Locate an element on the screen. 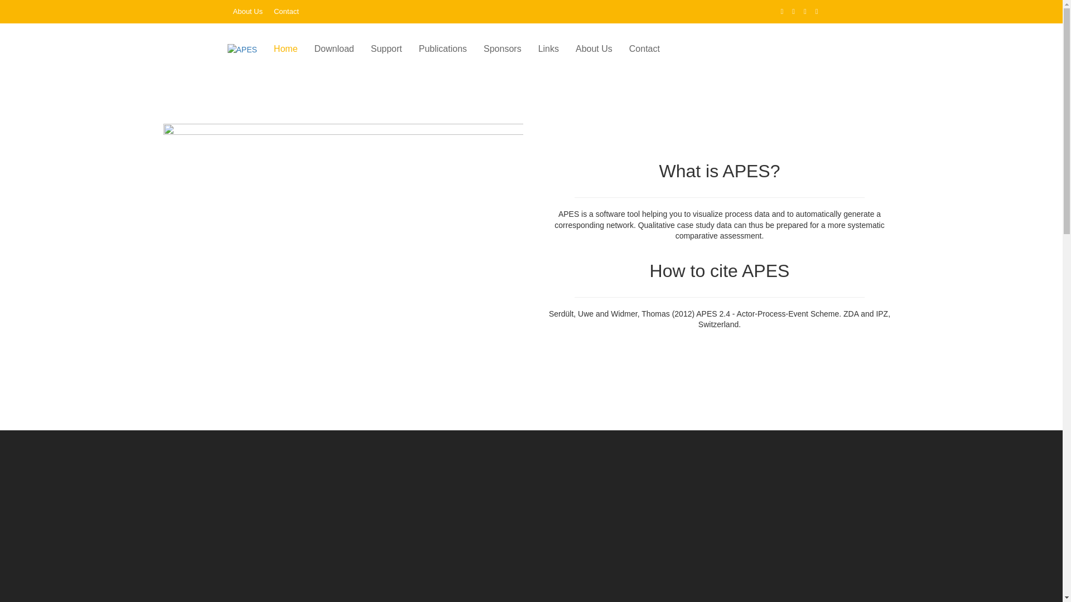 The height and width of the screenshot is (602, 1071). 'Home' is located at coordinates (264, 48).